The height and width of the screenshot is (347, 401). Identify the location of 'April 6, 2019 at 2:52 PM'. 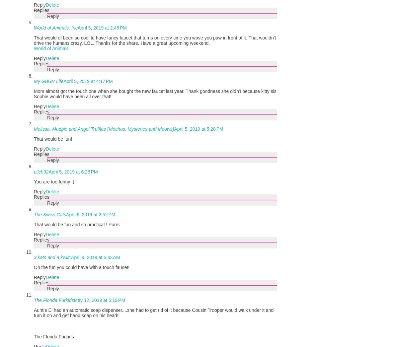
(91, 214).